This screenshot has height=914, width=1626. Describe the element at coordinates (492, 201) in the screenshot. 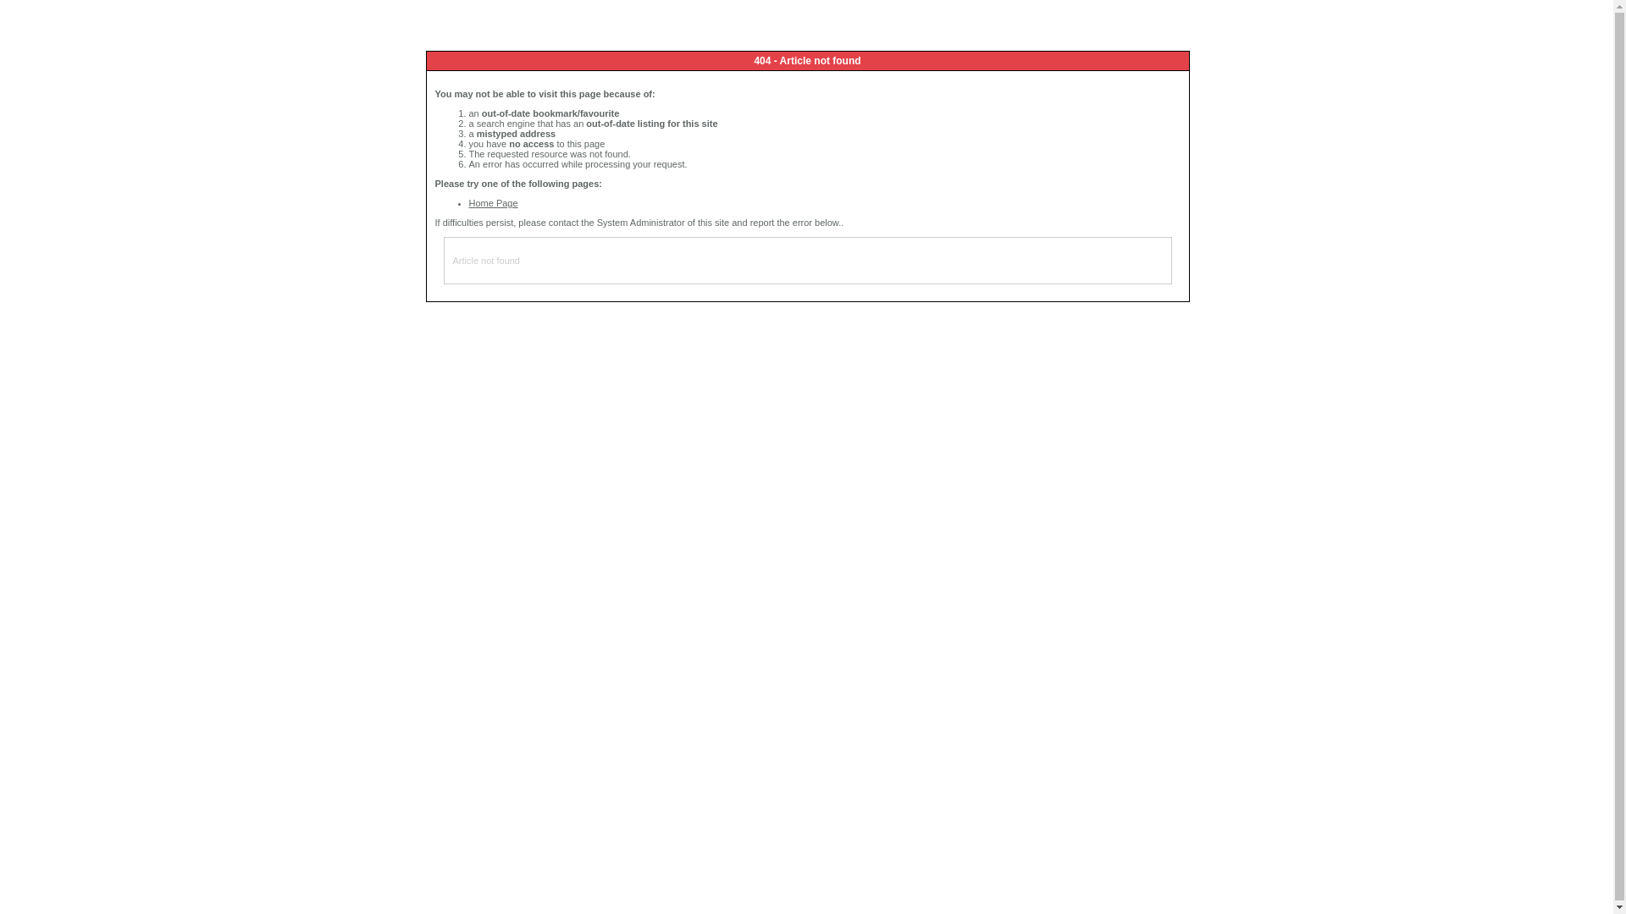

I see `'Home Page'` at that location.